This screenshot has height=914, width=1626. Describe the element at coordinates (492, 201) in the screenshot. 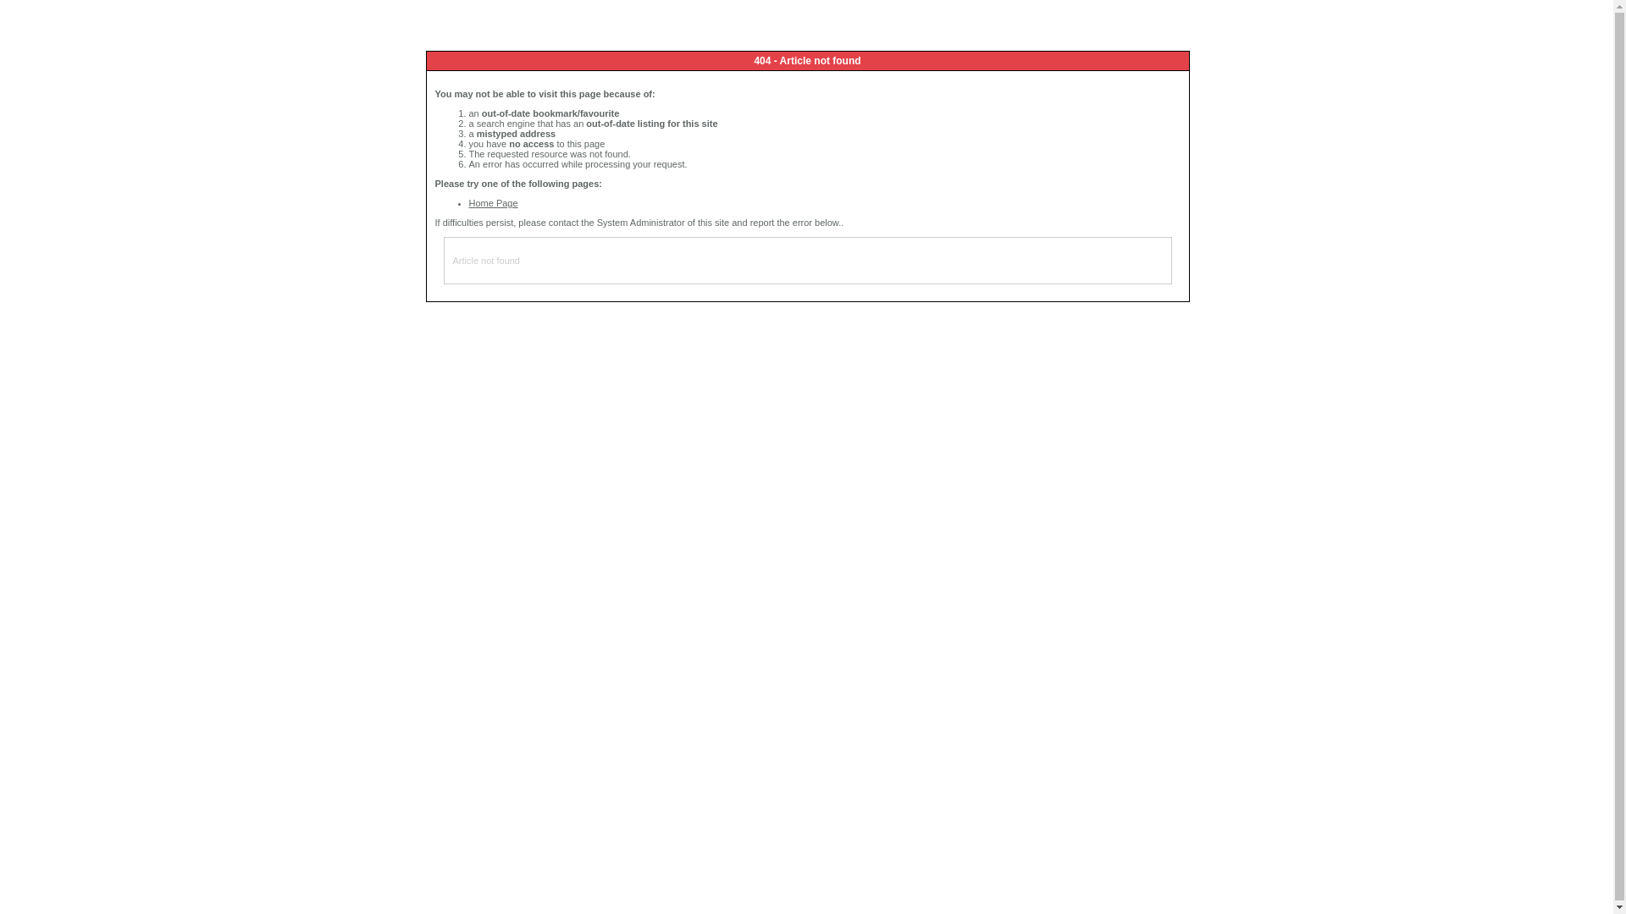

I see `'Home Page'` at that location.